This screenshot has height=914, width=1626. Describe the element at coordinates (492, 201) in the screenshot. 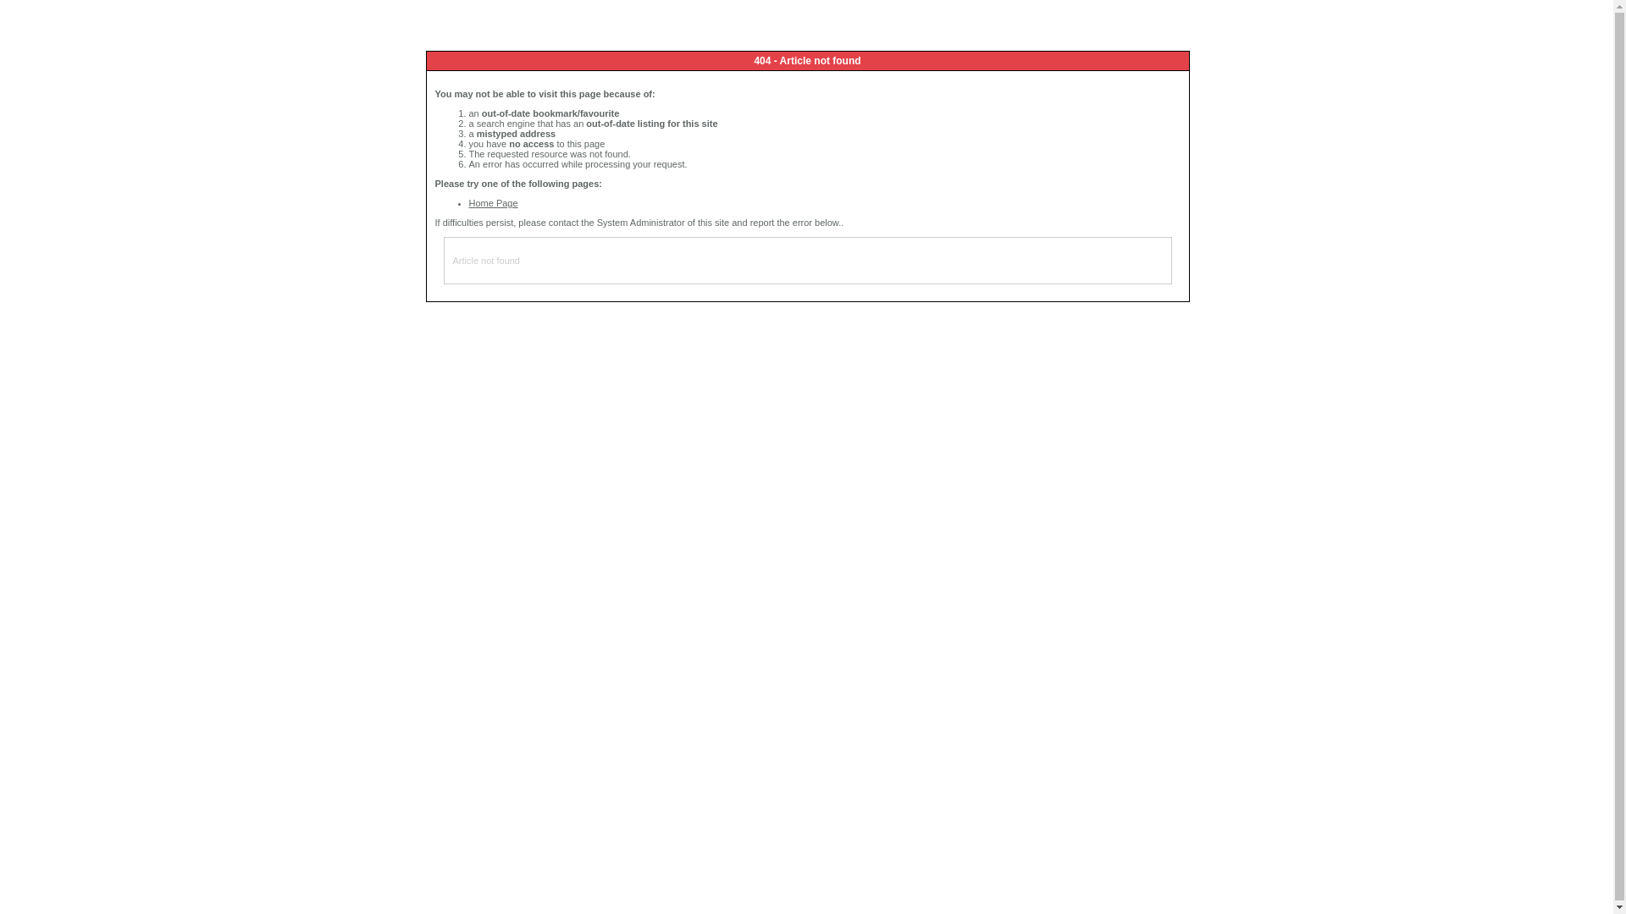

I see `'Home Page'` at that location.